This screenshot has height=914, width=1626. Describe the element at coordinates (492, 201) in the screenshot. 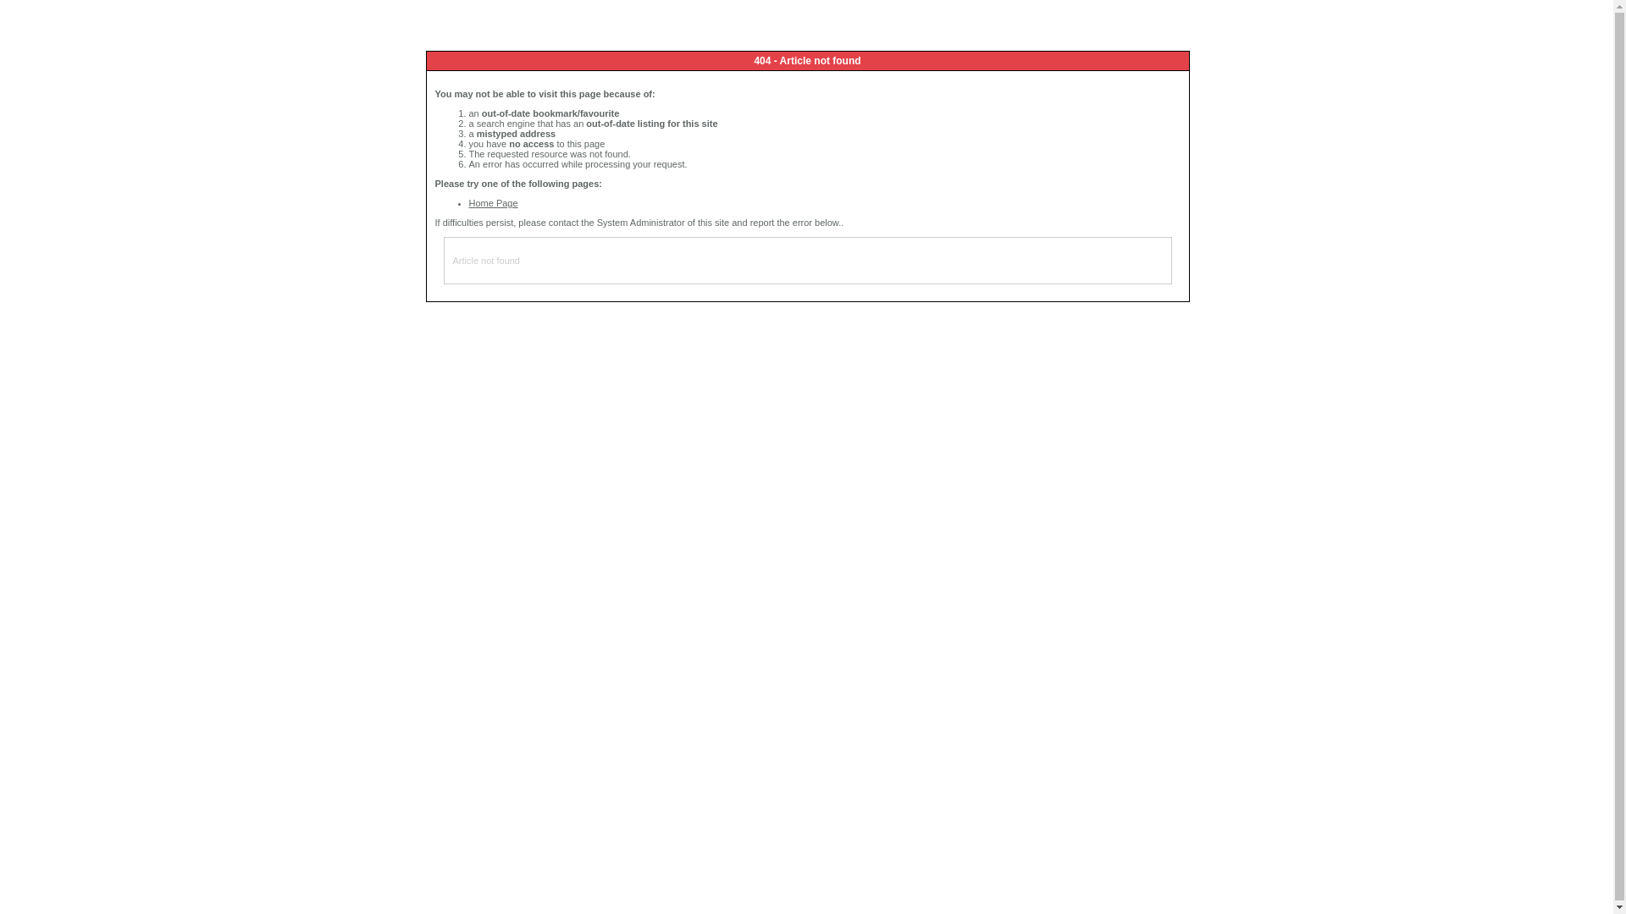

I see `'Home Page'` at that location.